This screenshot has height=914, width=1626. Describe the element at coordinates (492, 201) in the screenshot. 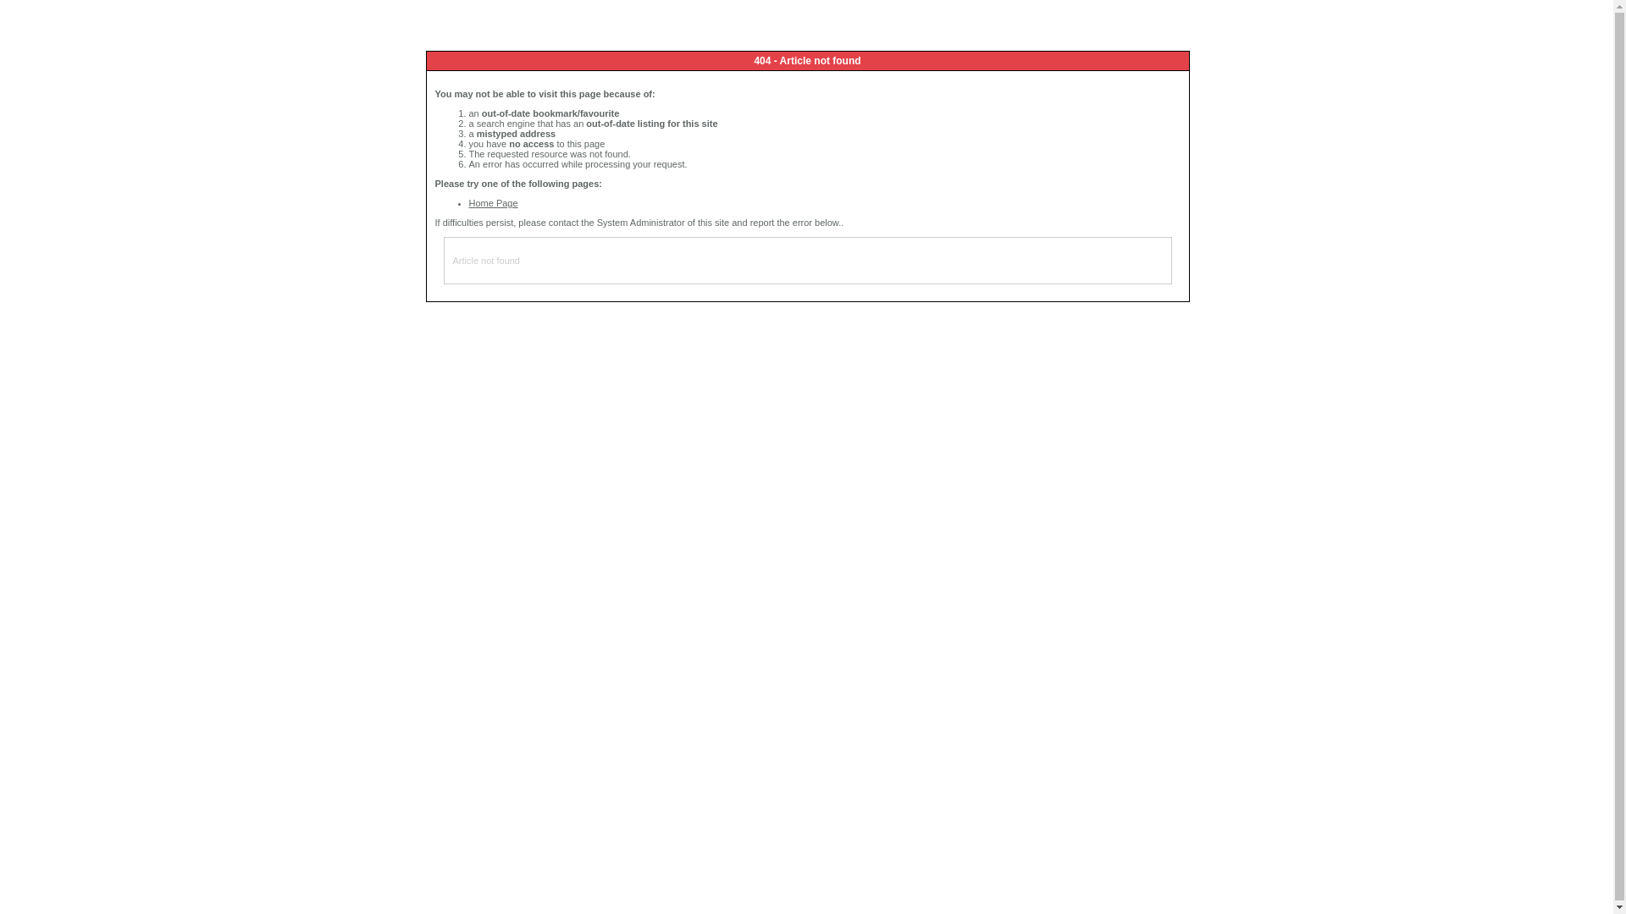

I see `'Home Page'` at that location.